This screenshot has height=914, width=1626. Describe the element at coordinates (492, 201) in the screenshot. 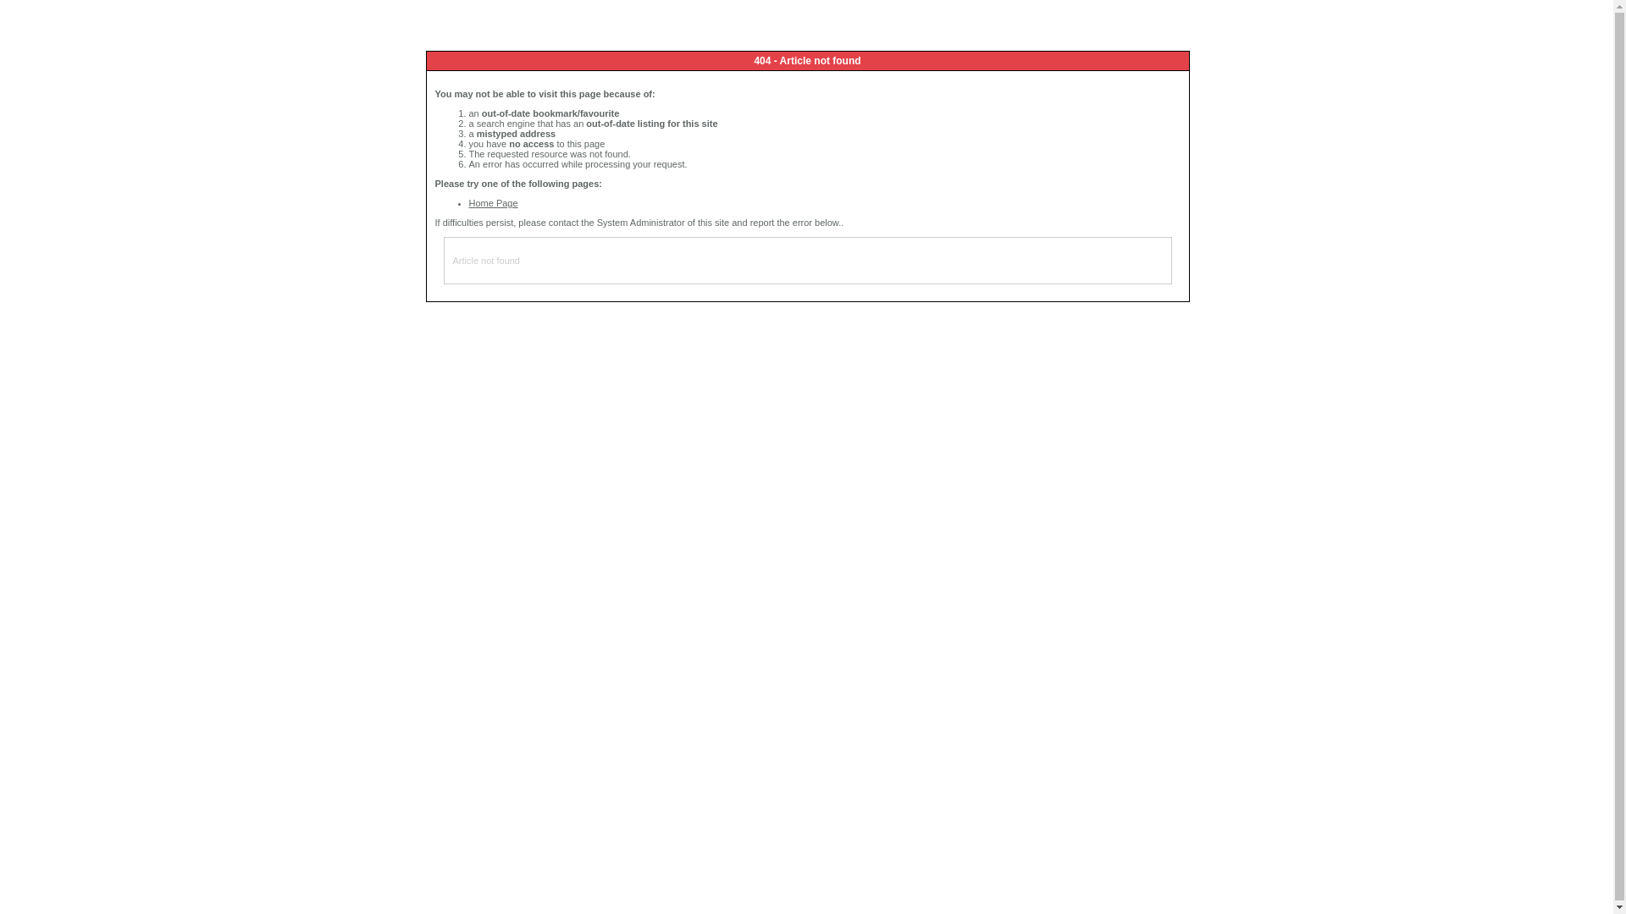

I see `'Home Page'` at that location.